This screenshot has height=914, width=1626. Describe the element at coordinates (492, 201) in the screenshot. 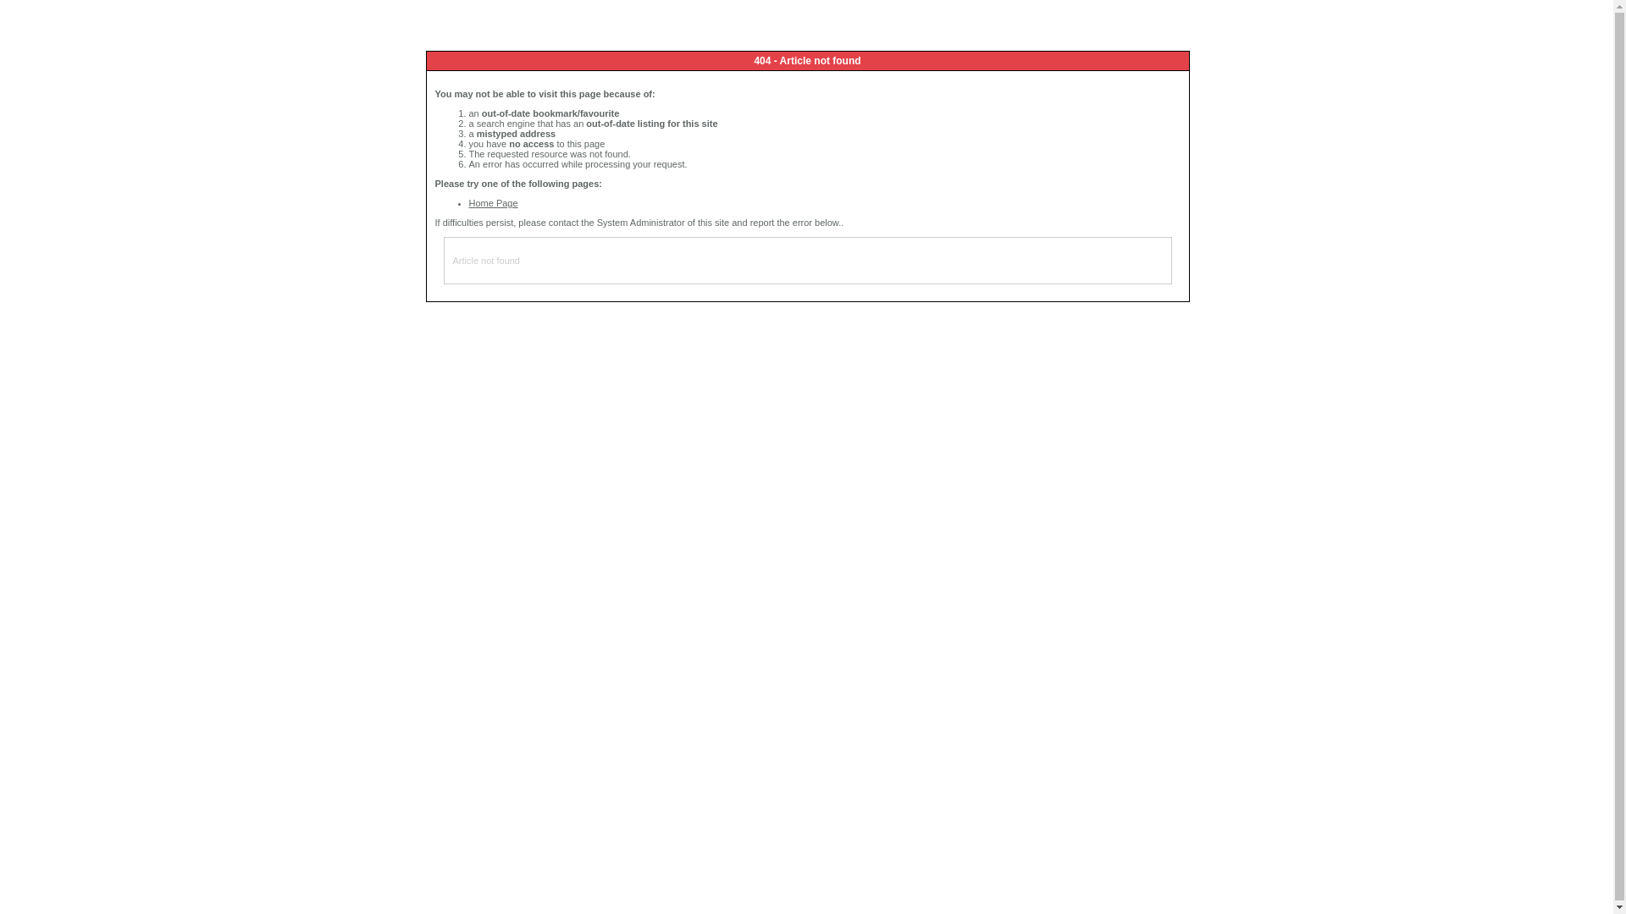

I see `'Home Page'` at that location.